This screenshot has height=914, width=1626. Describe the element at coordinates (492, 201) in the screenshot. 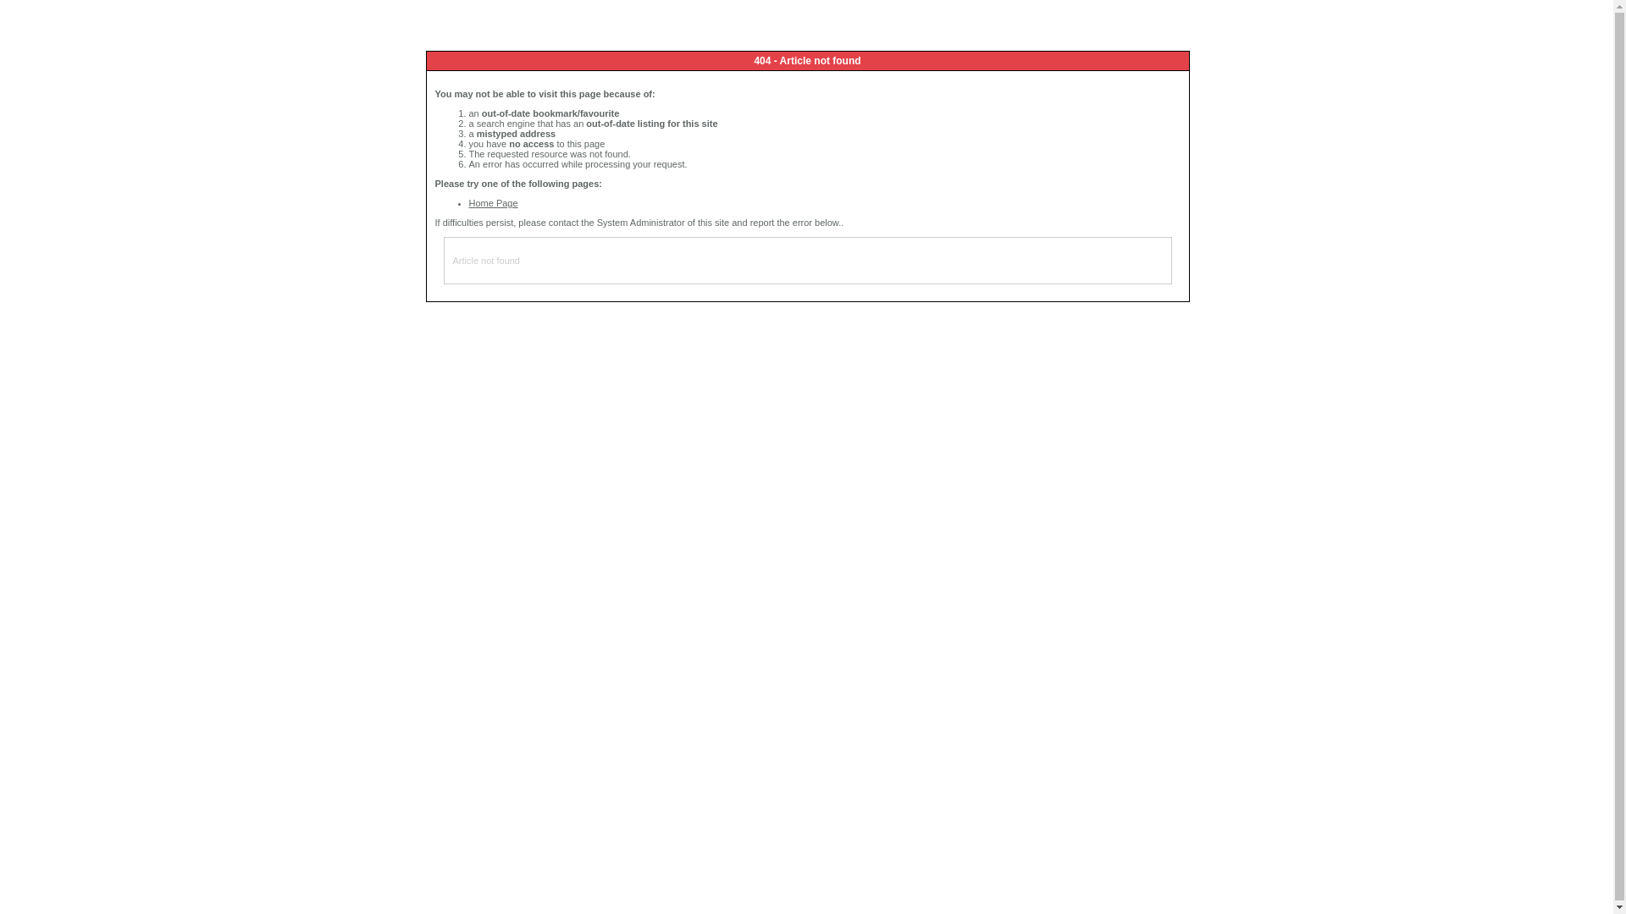

I see `'Home Page'` at that location.